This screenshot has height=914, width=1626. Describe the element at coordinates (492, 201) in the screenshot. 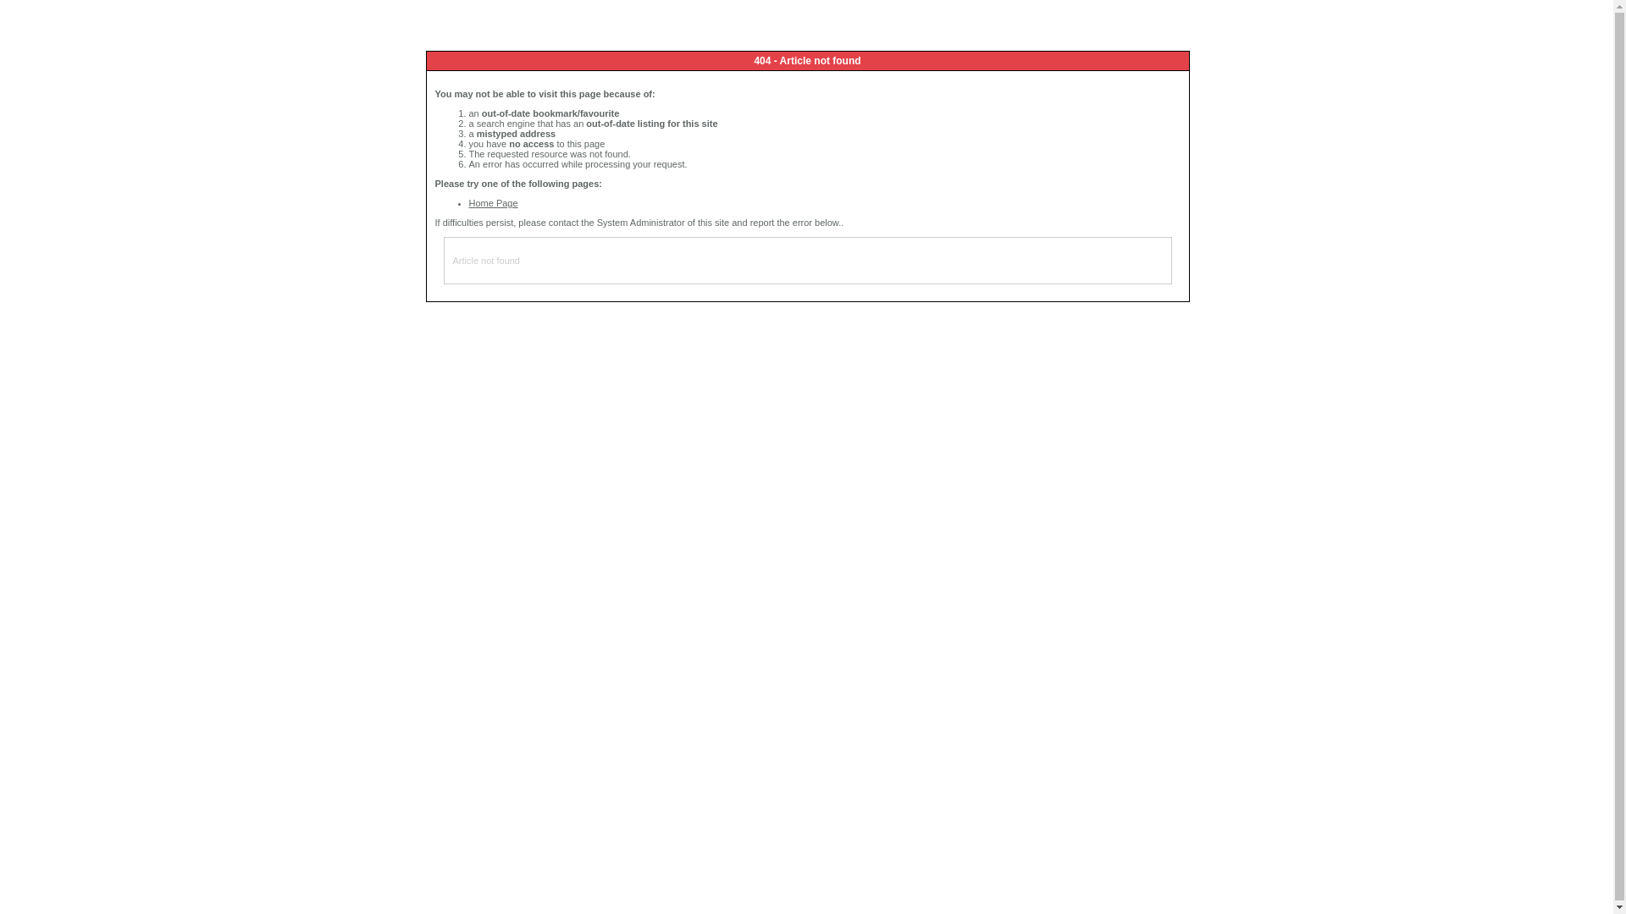

I see `'Home Page'` at that location.